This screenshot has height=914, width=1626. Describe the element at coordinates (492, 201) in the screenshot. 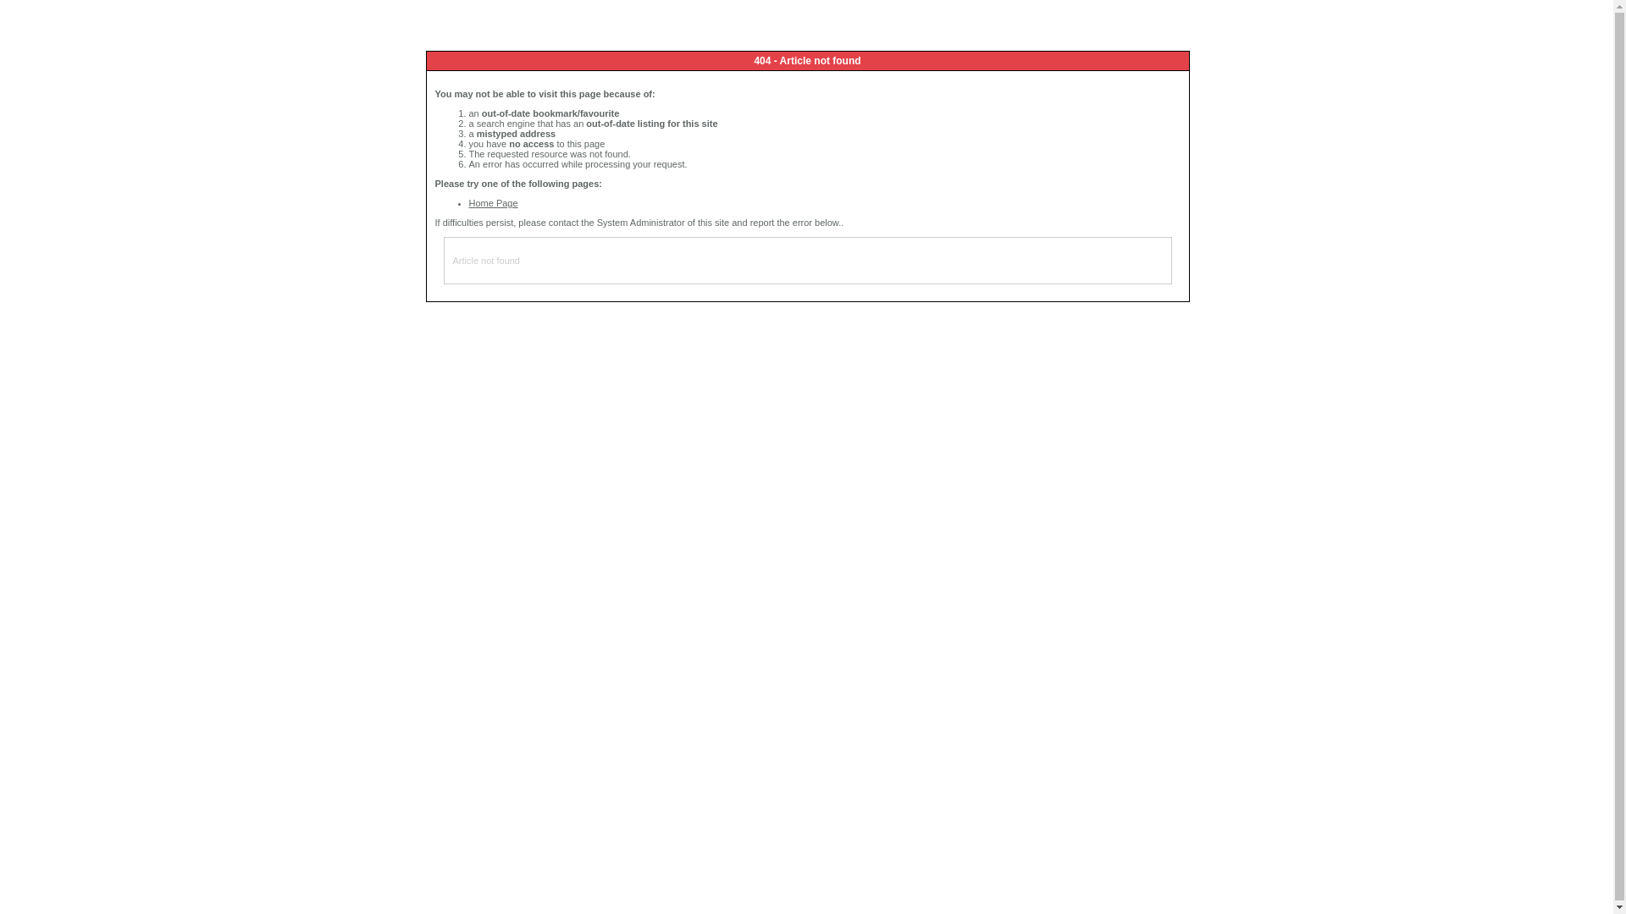

I see `'Home Page'` at that location.